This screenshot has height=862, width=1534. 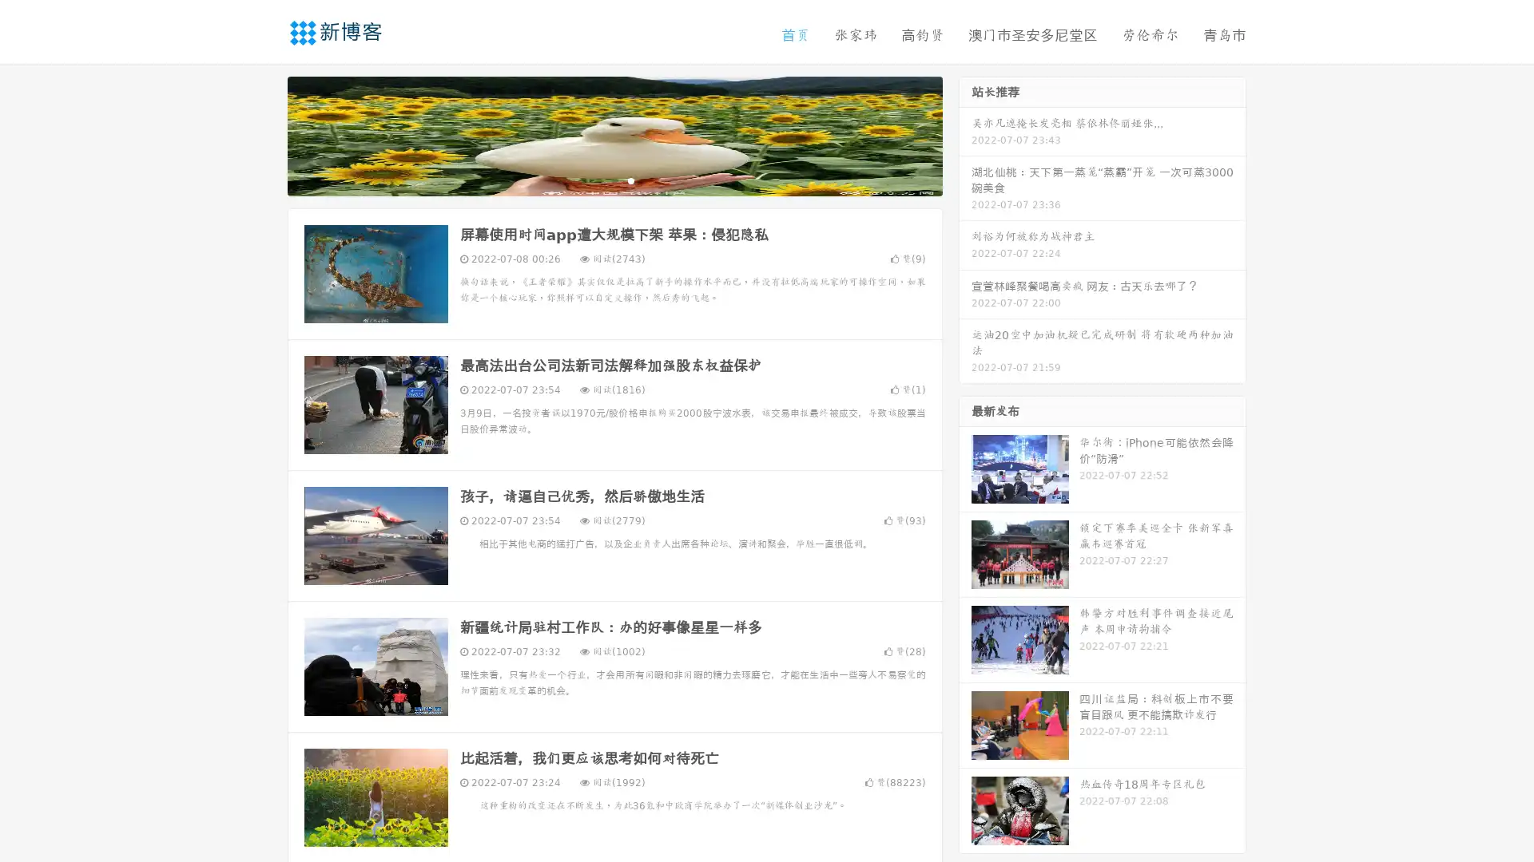 What do you see at coordinates (965, 134) in the screenshot?
I see `Next slide` at bounding box center [965, 134].